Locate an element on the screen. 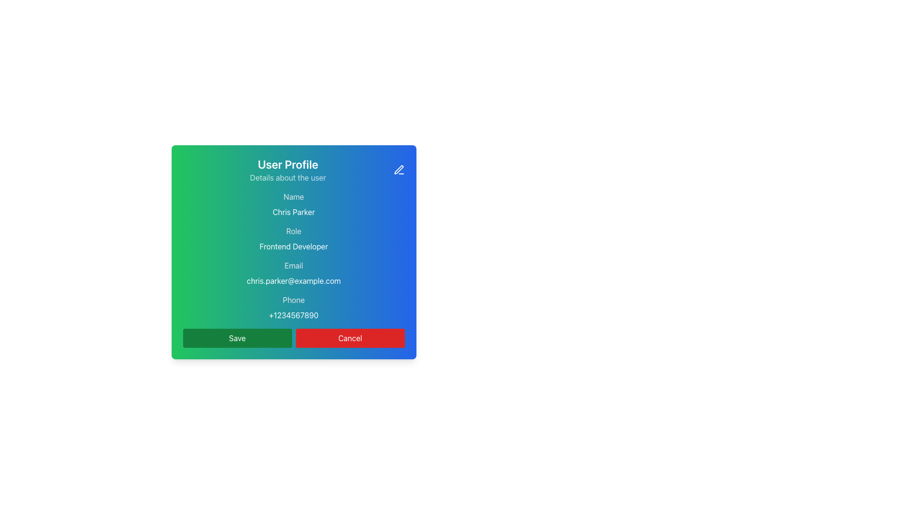 The height and width of the screenshot is (516, 918). the informational text block displaying the email 'chris.parker@example.com', which is positioned below the role information and above the phone number in the user details layout is located at coordinates (293, 273).